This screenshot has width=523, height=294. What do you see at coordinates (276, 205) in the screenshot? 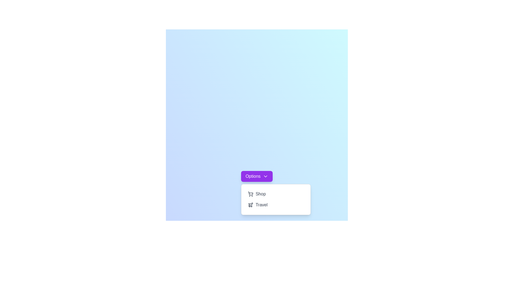
I see `the second item in the dropdown menu that directs to travel, located directly below the 'Shop' item` at bounding box center [276, 205].